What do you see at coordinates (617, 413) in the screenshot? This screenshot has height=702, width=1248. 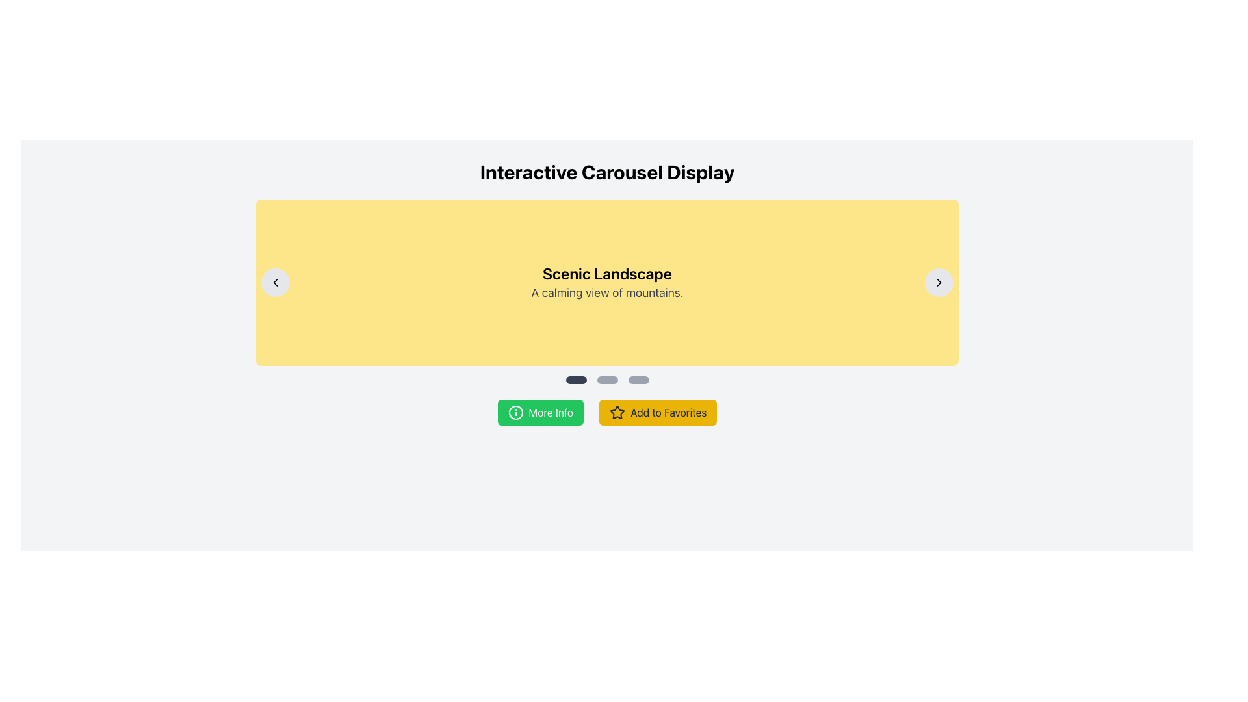 I see `the star icon located on the left of the 'Add to Favorites' text` at bounding box center [617, 413].